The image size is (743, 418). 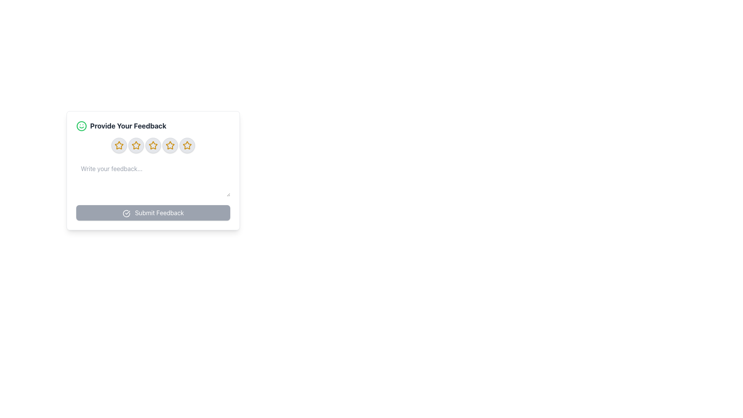 What do you see at coordinates (126, 213) in the screenshot?
I see `the small circular button icon with a check mark inside, located on the left side of the 'Submit Feedback' button` at bounding box center [126, 213].